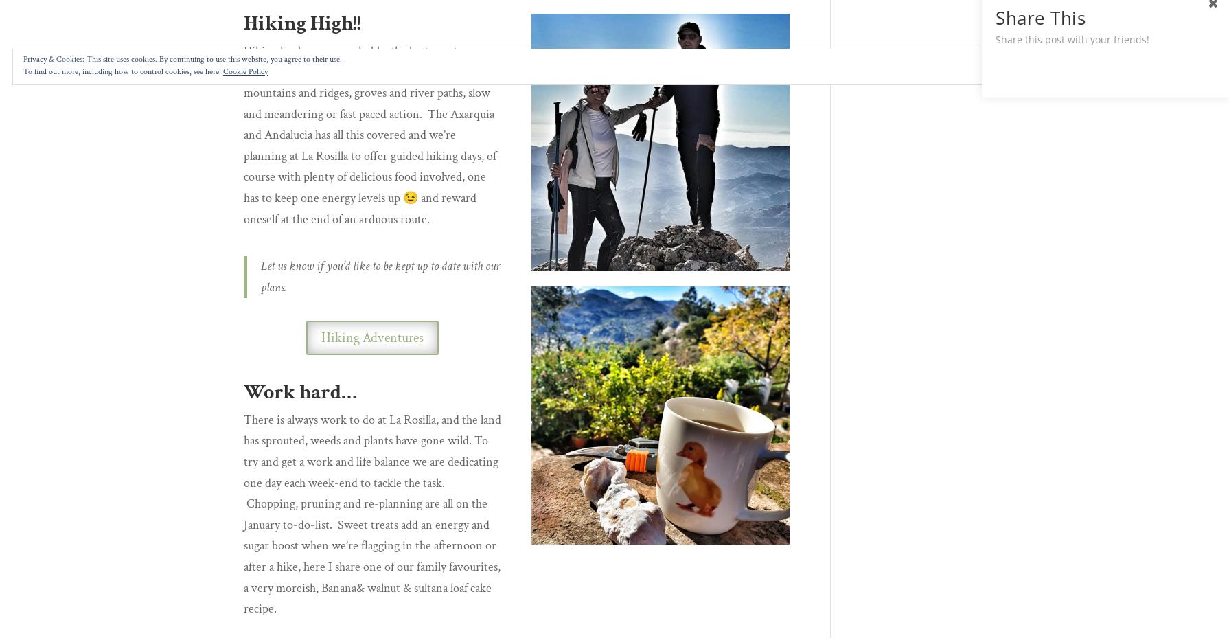  Describe the element at coordinates (1040, 17) in the screenshot. I see `'Share This'` at that location.